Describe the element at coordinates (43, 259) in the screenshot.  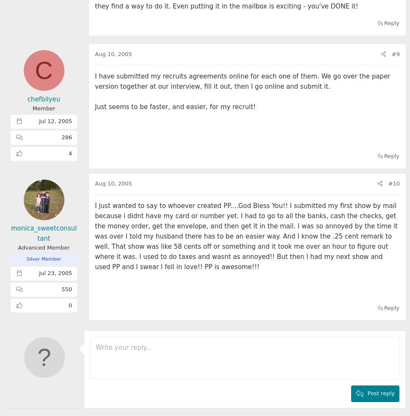
I see `'Silver Member'` at that location.